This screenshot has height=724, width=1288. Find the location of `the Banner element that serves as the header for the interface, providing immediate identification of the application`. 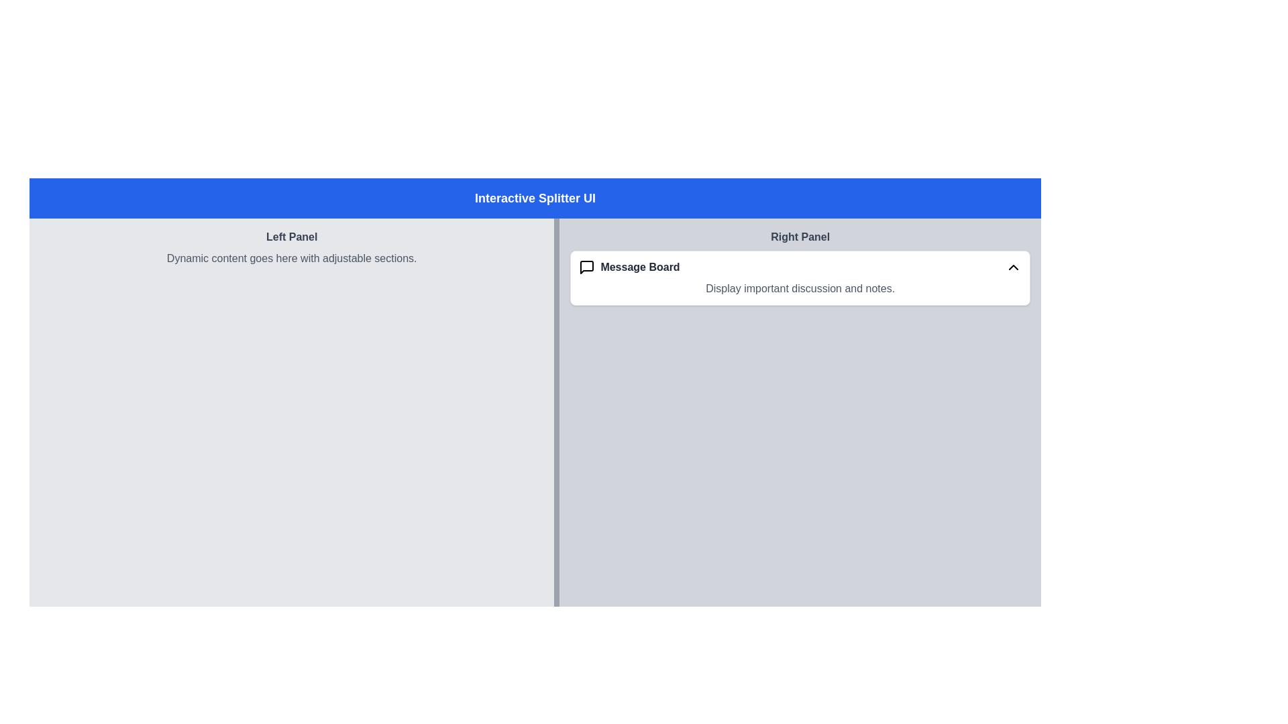

the Banner element that serves as the header for the interface, providing immediate identification of the application is located at coordinates (534, 198).